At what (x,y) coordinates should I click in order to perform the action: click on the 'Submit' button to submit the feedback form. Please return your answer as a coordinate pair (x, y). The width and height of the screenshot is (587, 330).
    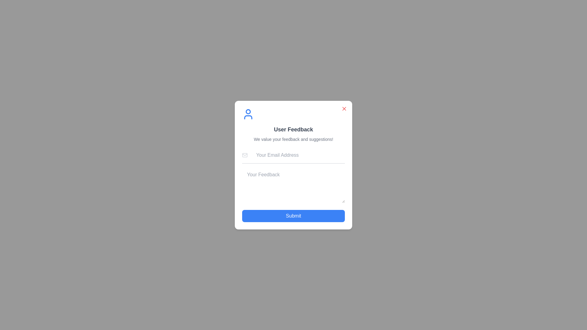
    Looking at the image, I should click on (293, 215).